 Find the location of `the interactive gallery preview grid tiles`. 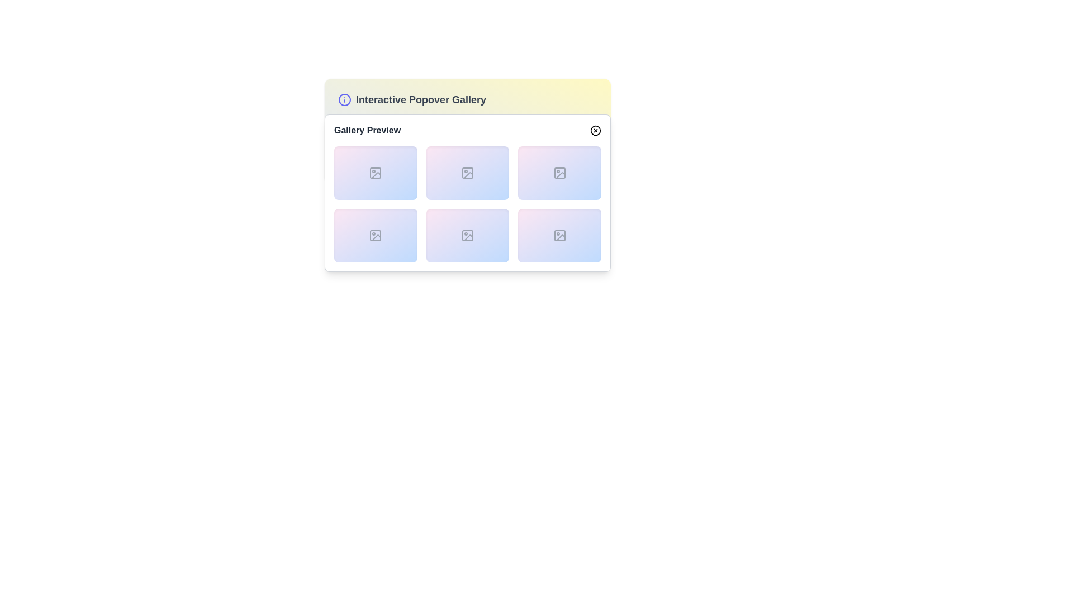

the interactive gallery preview grid tiles is located at coordinates (467, 204).